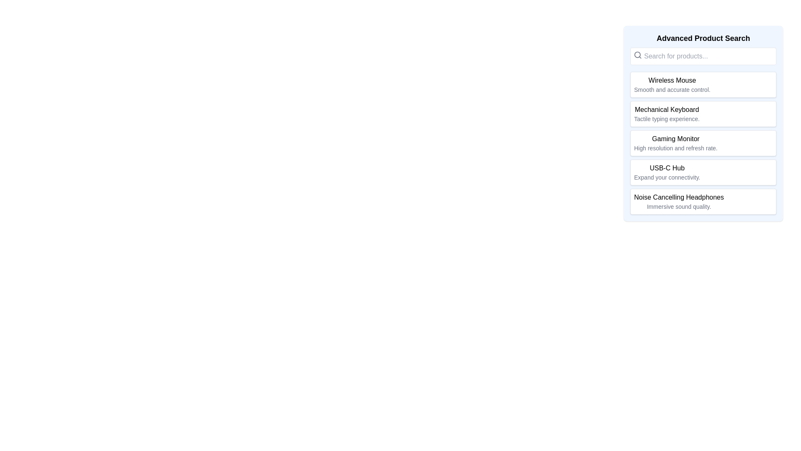 The width and height of the screenshot is (801, 451). What do you see at coordinates (676, 143) in the screenshot?
I see `the Text block component that presents information about a gaming monitor, which is the third item in a vertical list of card components` at bounding box center [676, 143].